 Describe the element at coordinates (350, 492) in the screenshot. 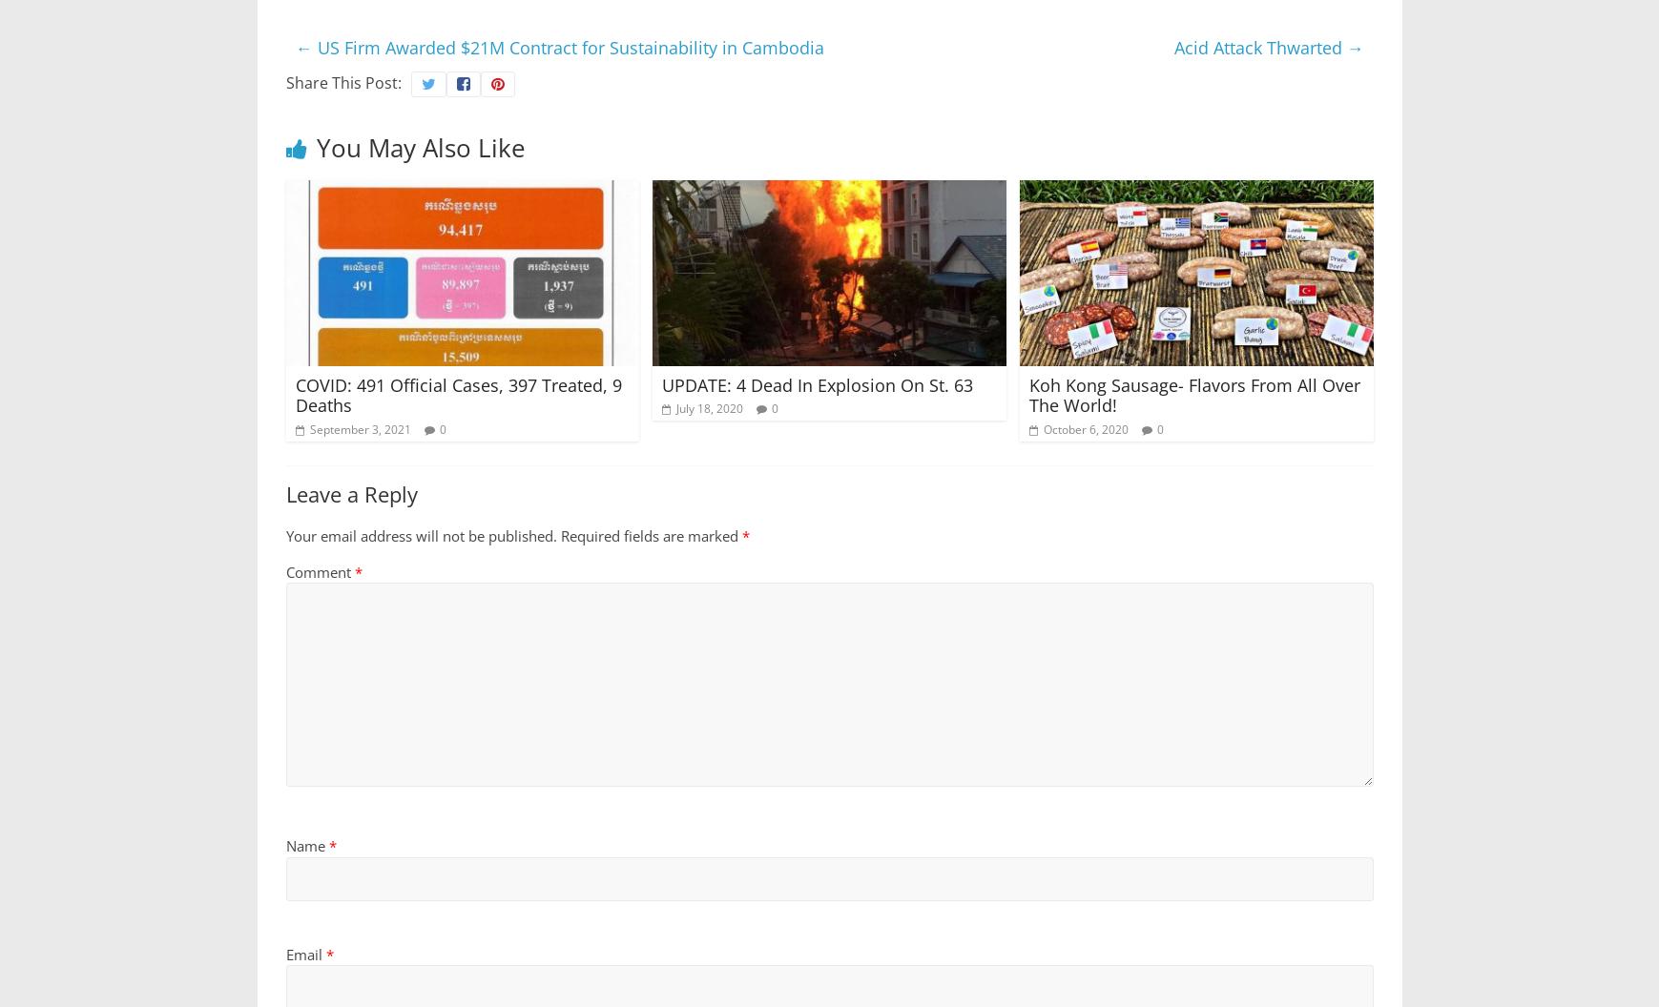

I see `'Leave a Reply'` at that location.